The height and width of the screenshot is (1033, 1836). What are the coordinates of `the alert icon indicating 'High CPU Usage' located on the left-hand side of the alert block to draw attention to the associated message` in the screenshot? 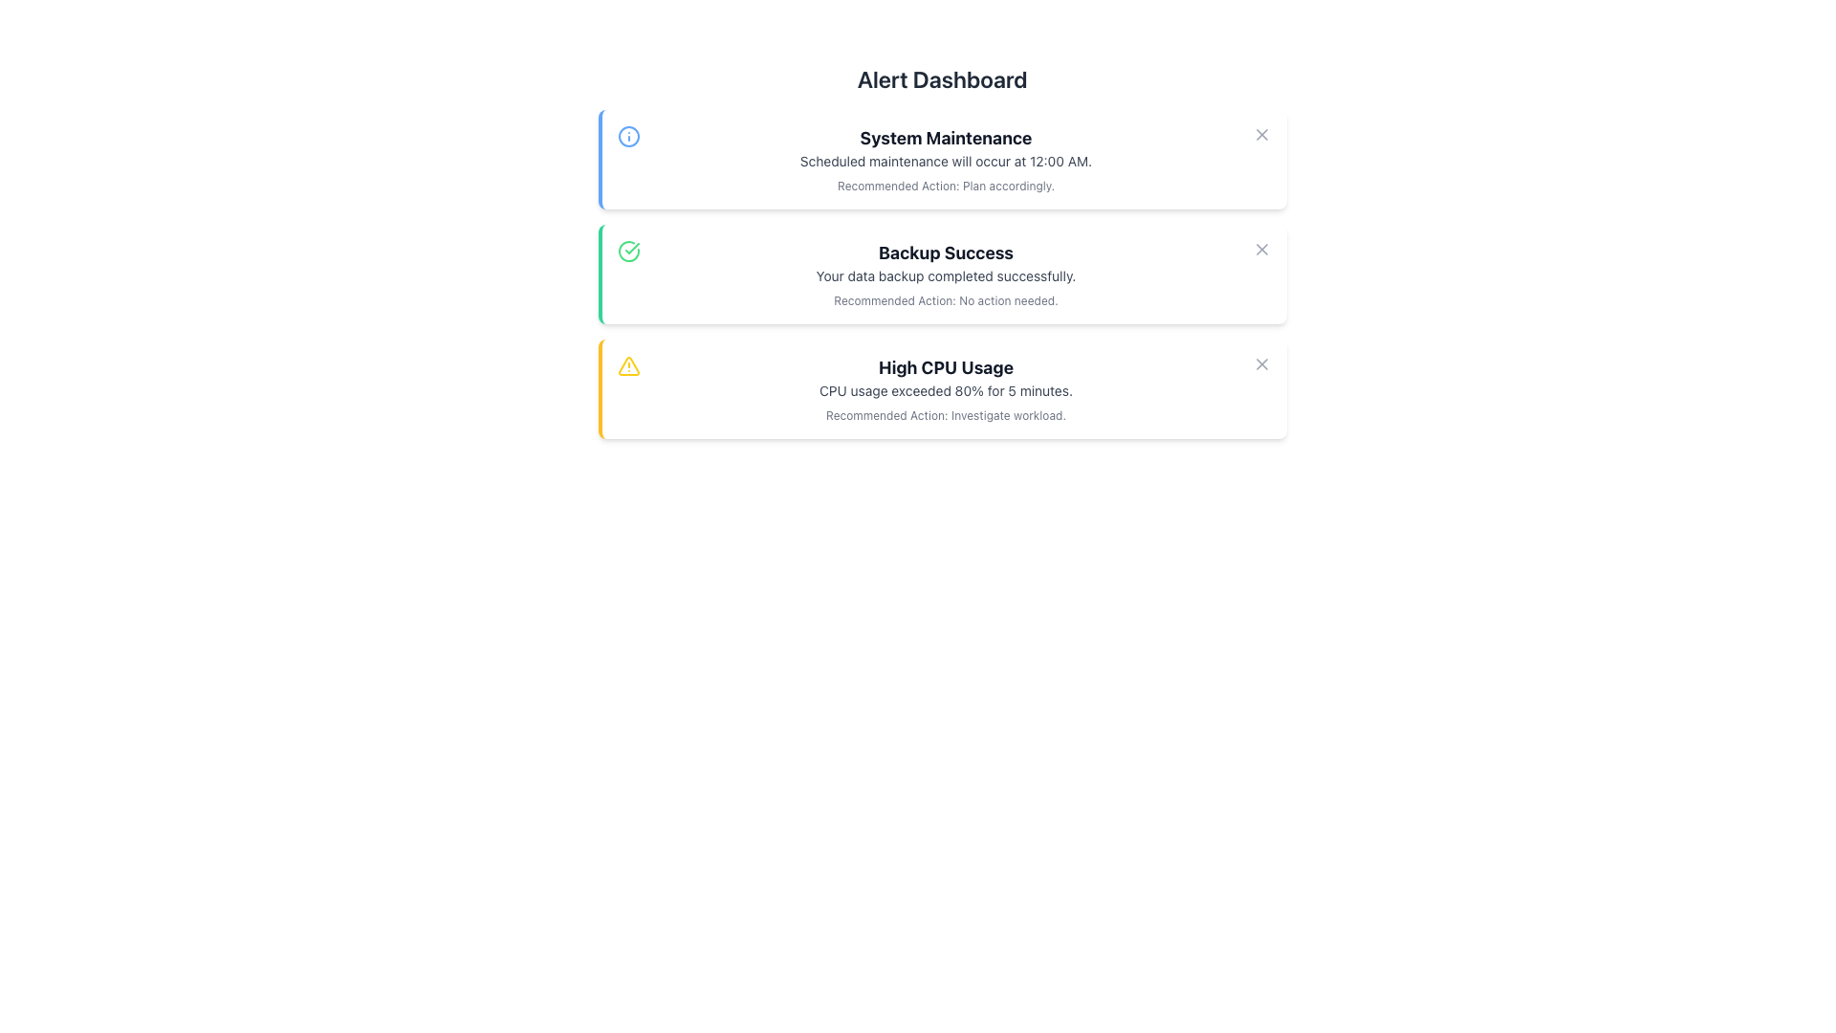 It's located at (628, 365).